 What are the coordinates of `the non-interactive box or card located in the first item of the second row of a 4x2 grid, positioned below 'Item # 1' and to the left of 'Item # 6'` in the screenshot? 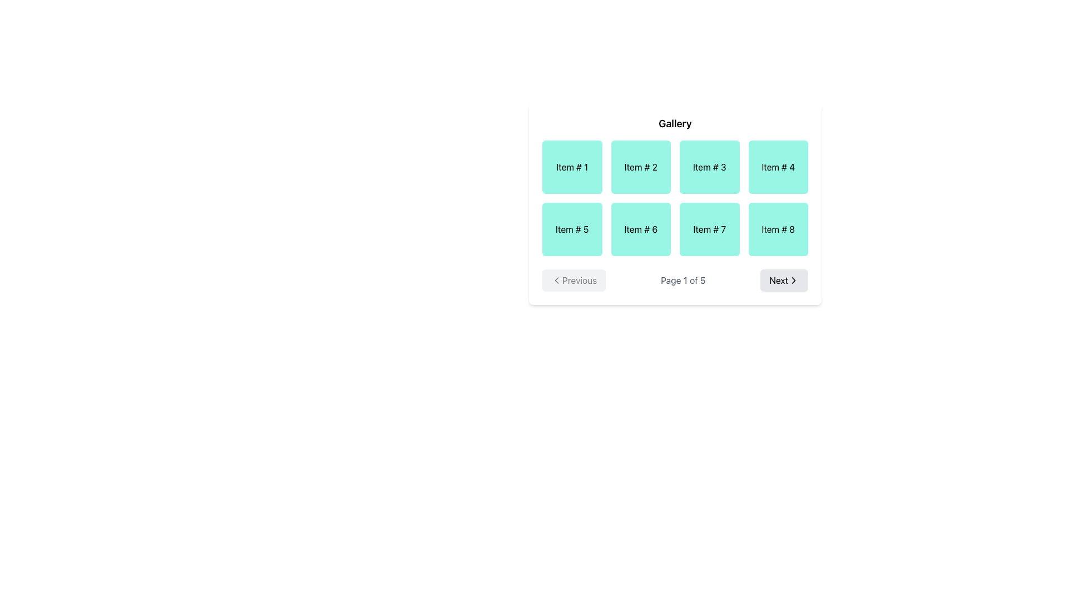 It's located at (572, 228).